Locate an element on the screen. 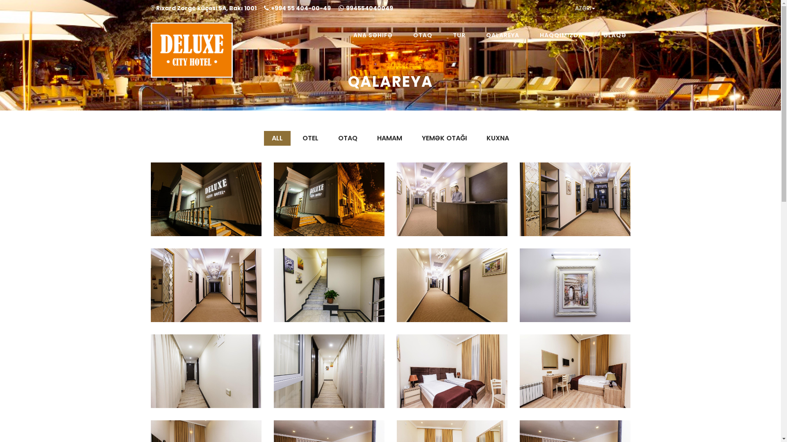  'Otel' is located at coordinates (452, 285).